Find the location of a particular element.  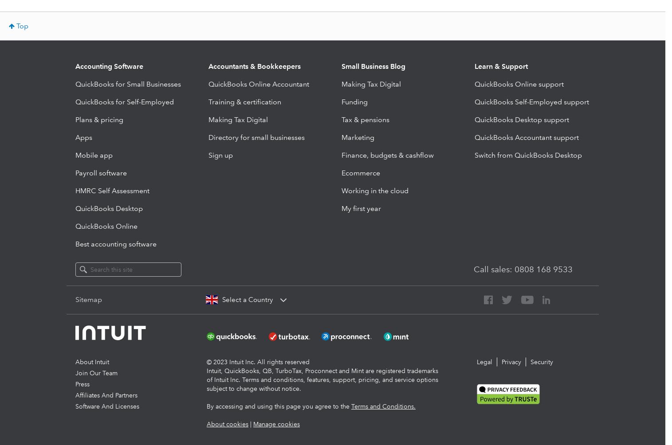

'Press' is located at coordinates (82, 384).